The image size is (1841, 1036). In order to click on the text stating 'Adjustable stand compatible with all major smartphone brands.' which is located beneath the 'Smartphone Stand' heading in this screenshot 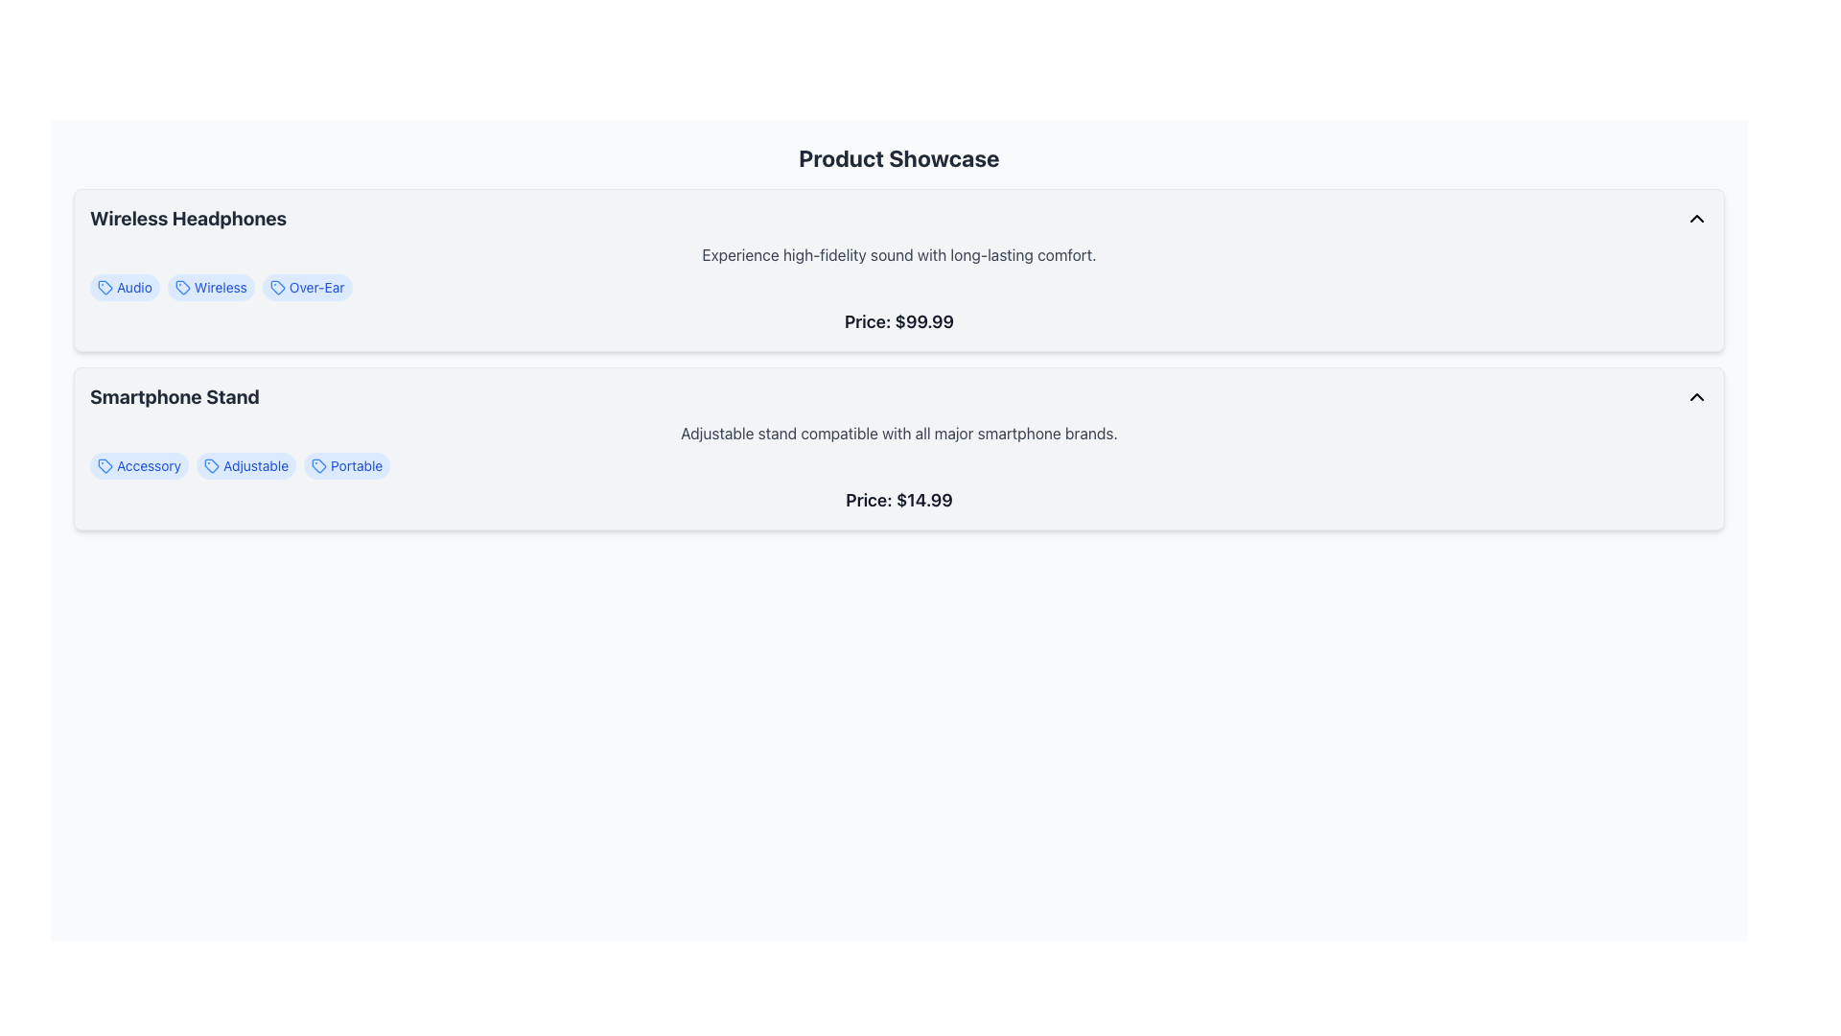, I will do `click(897, 433)`.